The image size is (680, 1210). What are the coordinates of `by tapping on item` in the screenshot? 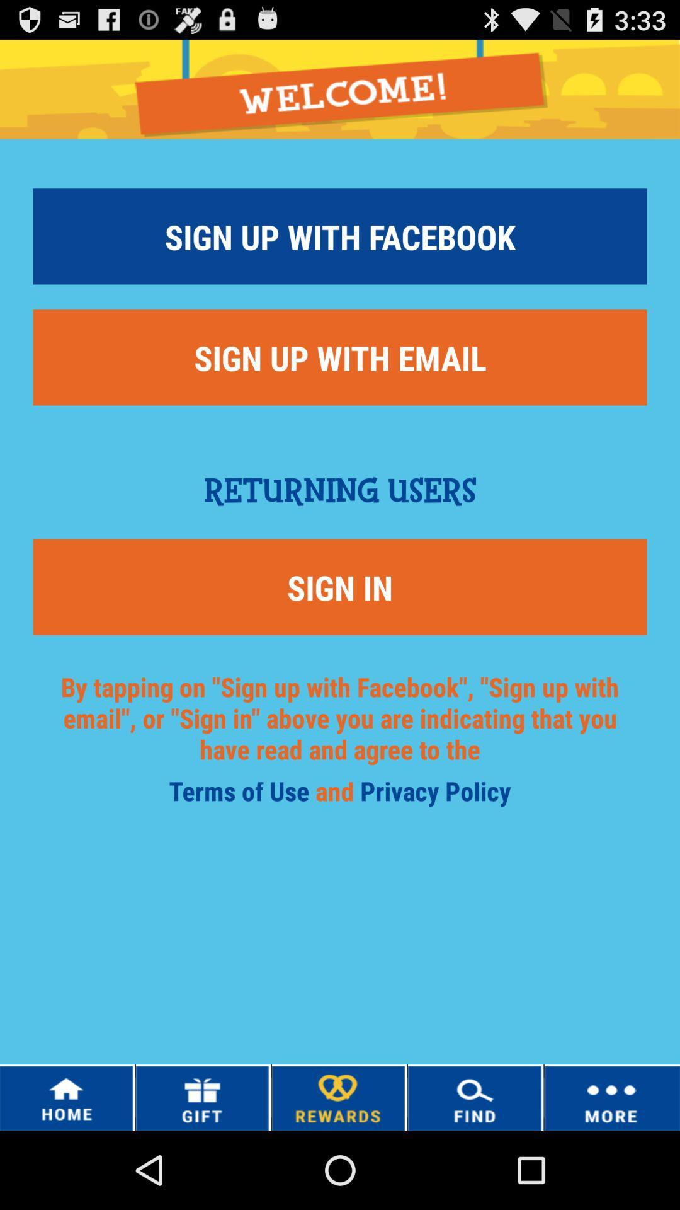 It's located at (340, 733).